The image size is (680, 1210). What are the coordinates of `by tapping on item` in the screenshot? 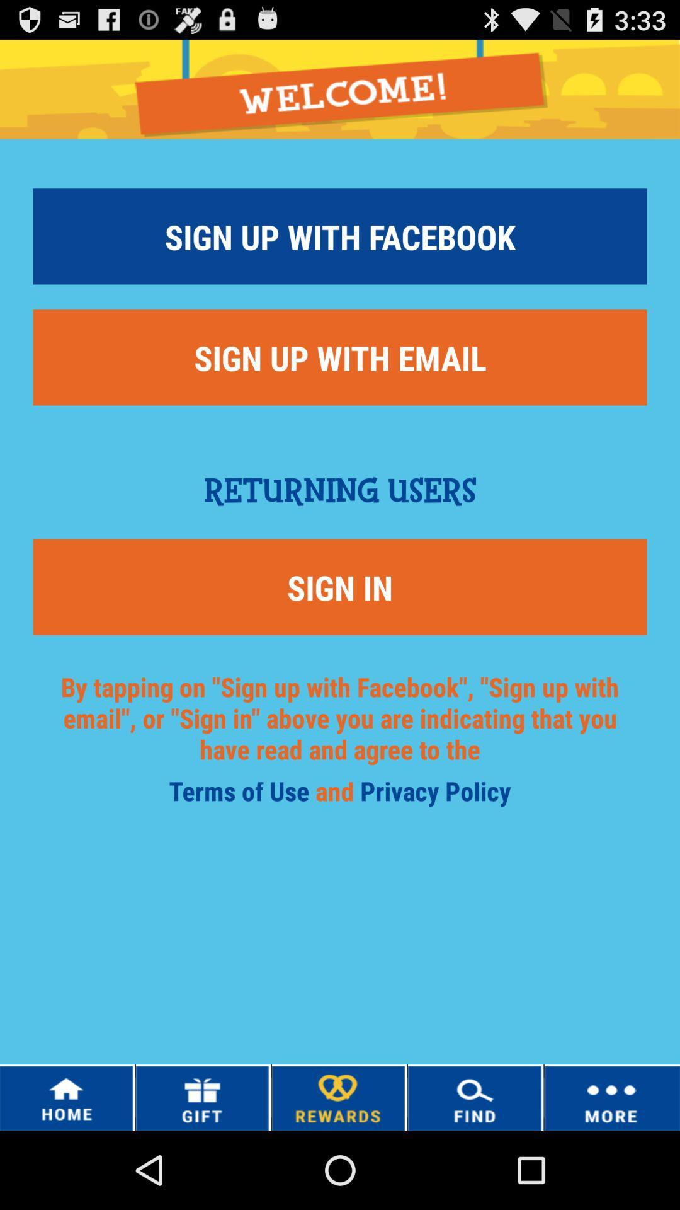 It's located at (340, 733).